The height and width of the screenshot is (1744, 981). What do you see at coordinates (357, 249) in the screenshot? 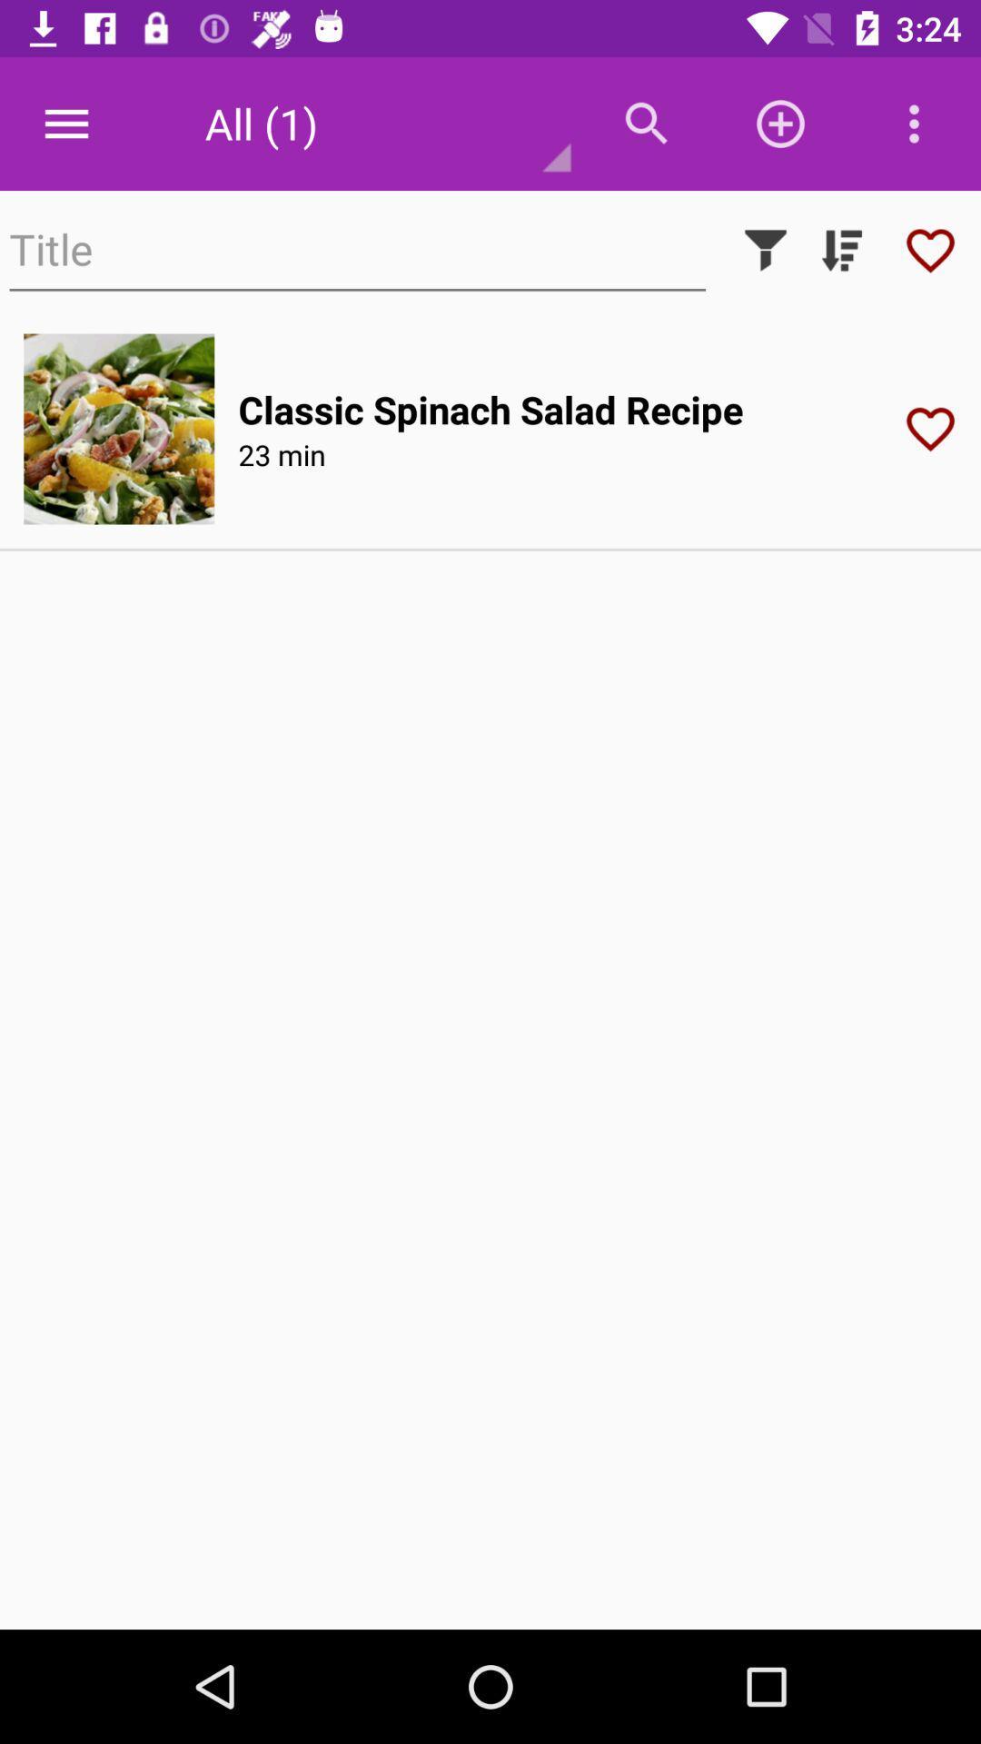
I see `title` at bounding box center [357, 249].